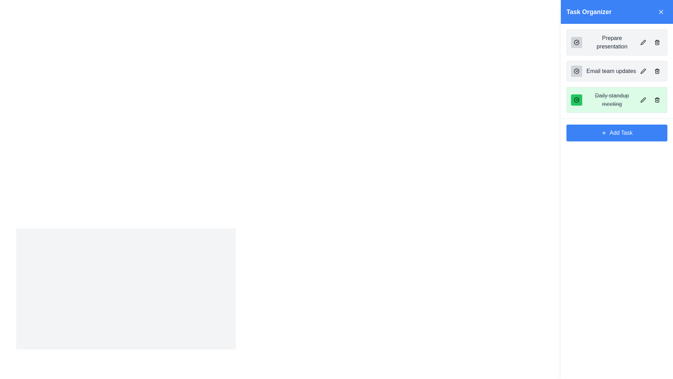  Describe the element at coordinates (643, 100) in the screenshot. I see `the pen icon located inside the rounded rectangular button on the right-side panel of the interface to initiate editing of the 'Daily standup meeting' task` at that location.